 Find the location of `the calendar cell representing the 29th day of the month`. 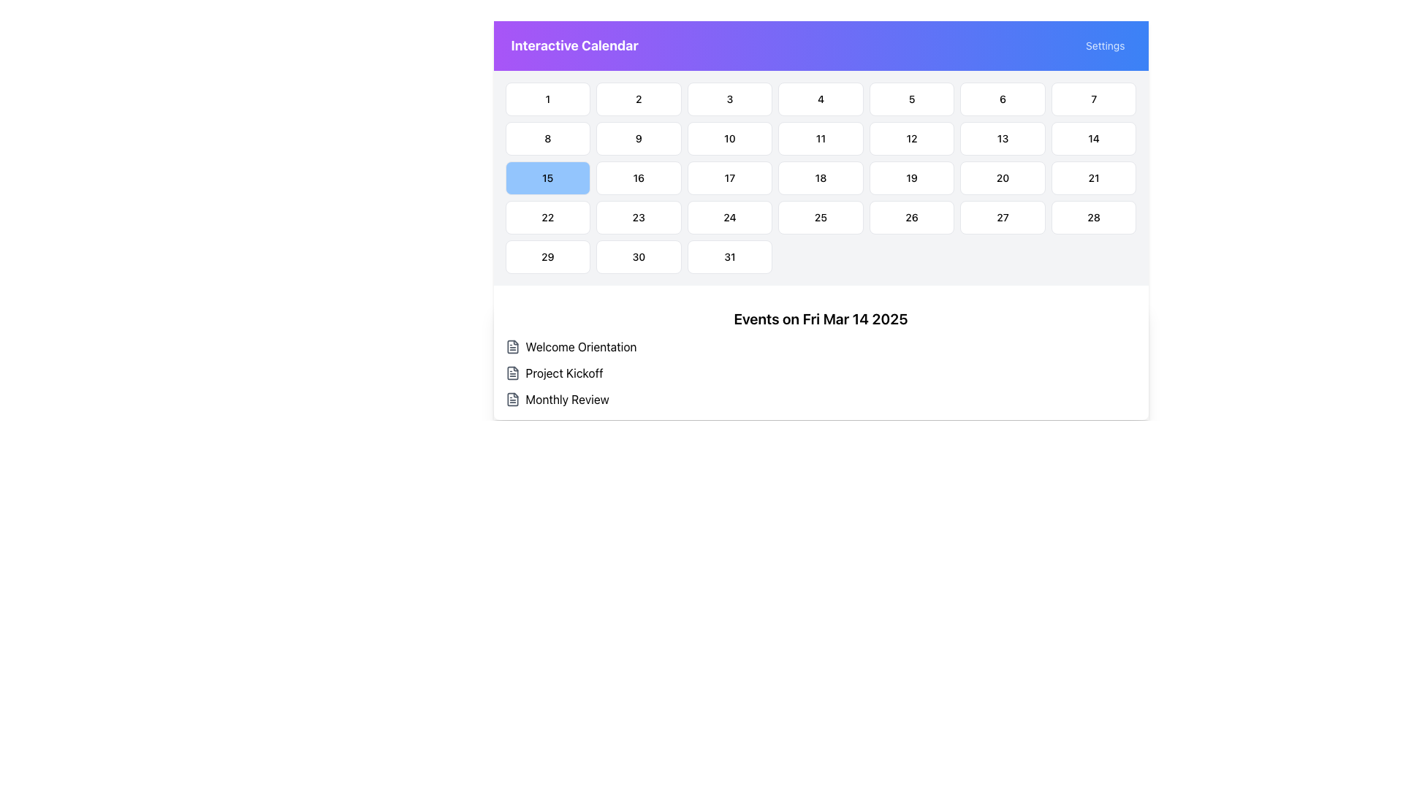

the calendar cell representing the 29th day of the month is located at coordinates (547, 256).